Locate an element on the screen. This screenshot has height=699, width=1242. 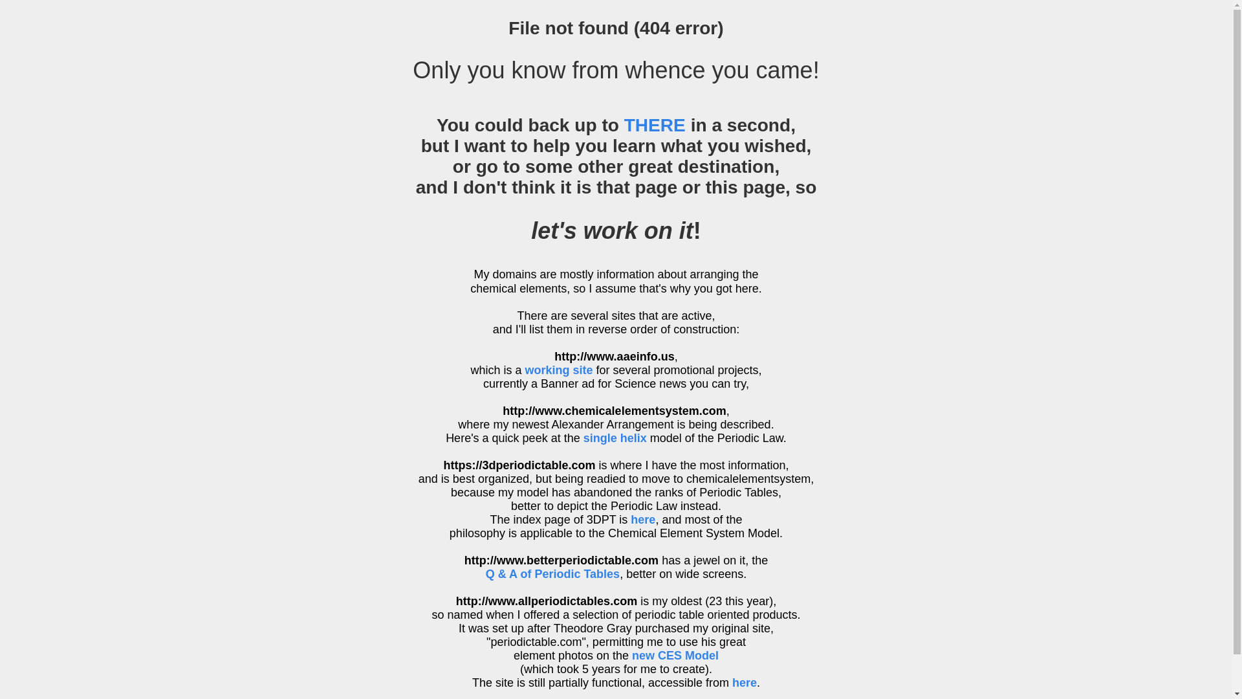
'here' is located at coordinates (642, 518).